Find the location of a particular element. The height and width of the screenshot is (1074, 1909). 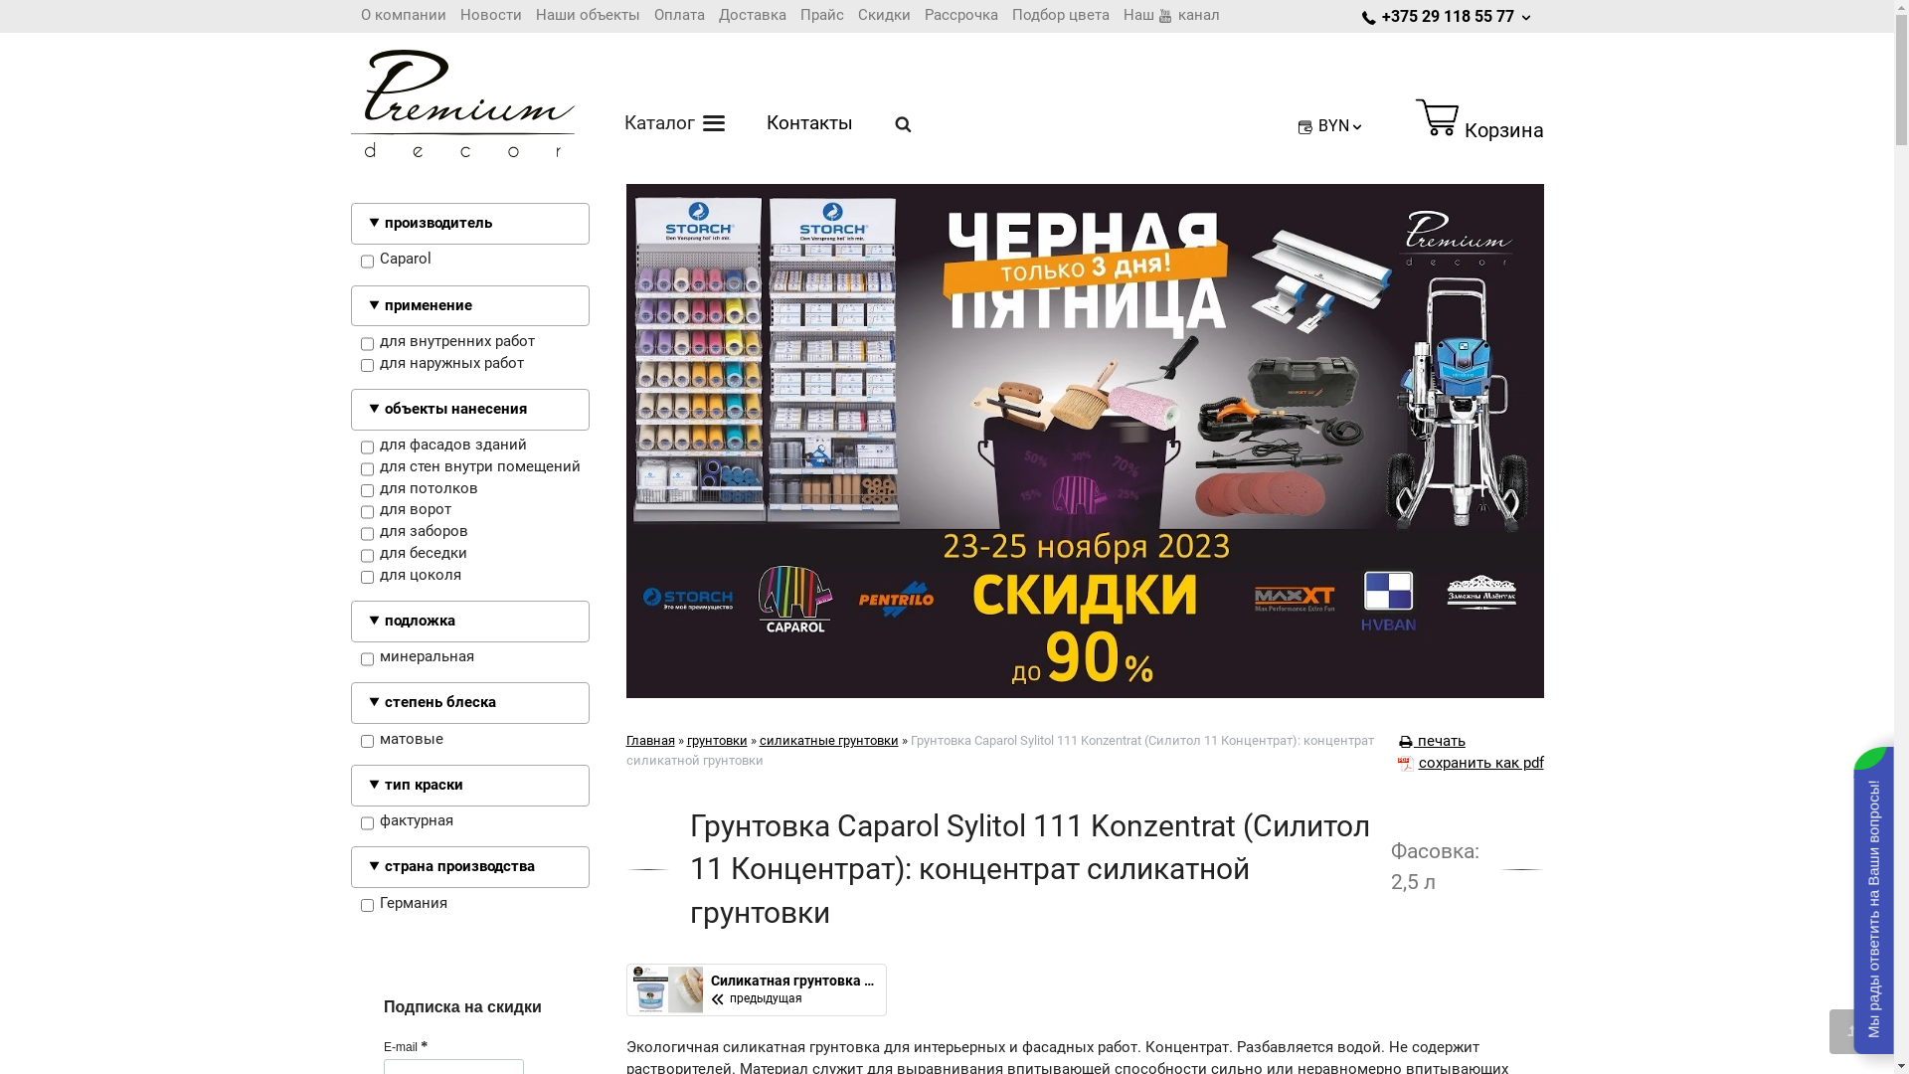

'+375 29 118 55 77' is located at coordinates (1448, 16).